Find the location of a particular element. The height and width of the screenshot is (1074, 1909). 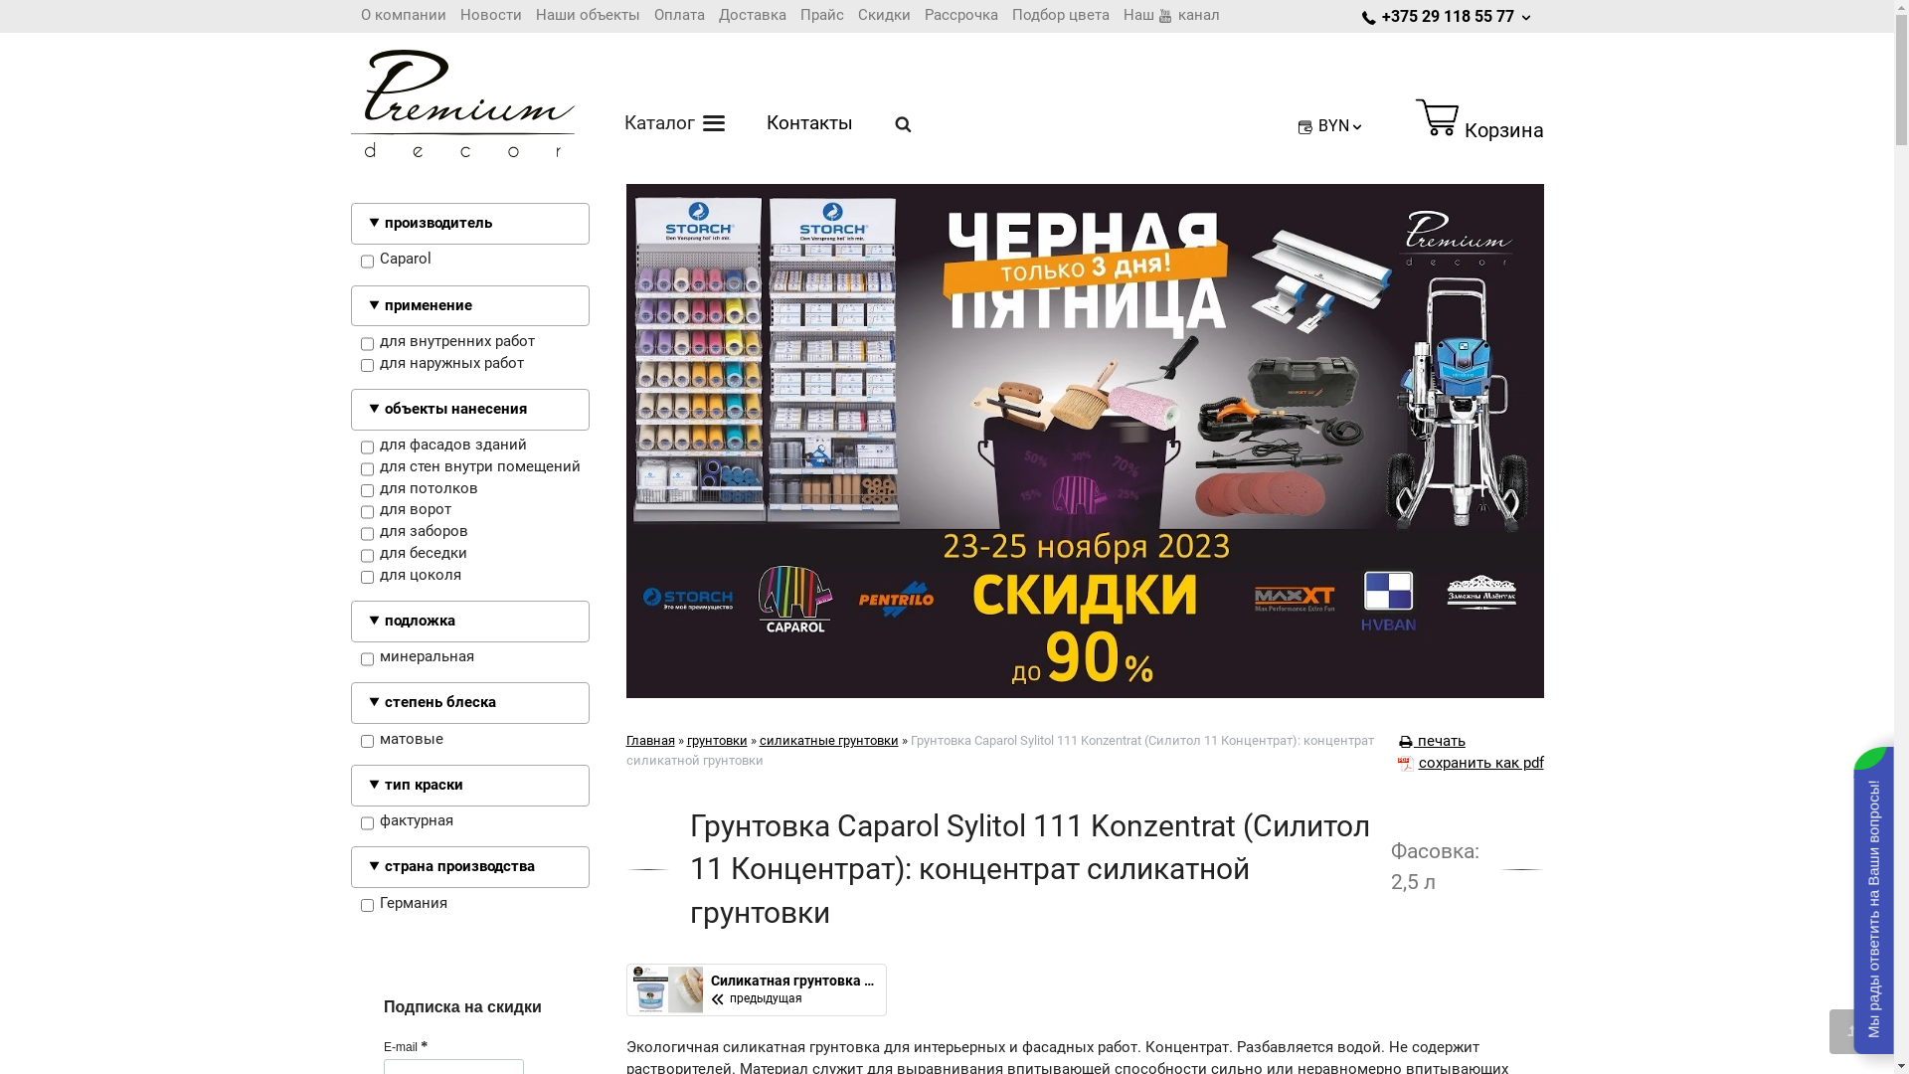

'+375 29 118 55 77' is located at coordinates (1448, 16).